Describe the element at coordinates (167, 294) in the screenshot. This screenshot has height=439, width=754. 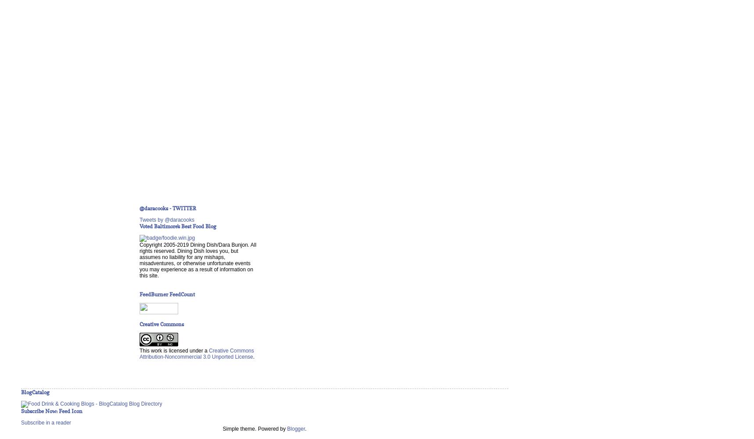
I see `'FeedBurner FeedCount'` at that location.